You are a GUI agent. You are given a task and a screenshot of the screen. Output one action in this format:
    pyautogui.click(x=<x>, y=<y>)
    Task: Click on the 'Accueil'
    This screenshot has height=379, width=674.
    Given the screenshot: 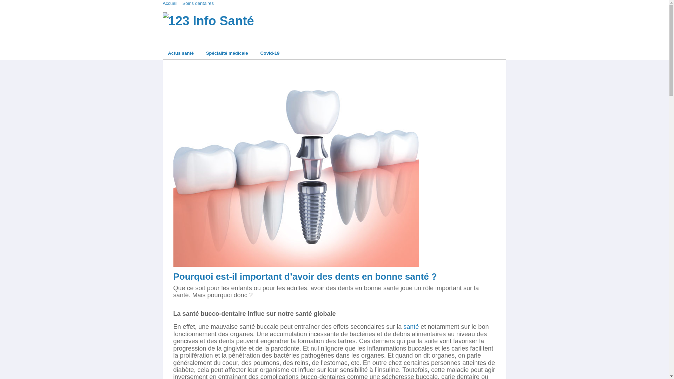 What is the action you would take?
    pyautogui.click(x=170, y=3)
    